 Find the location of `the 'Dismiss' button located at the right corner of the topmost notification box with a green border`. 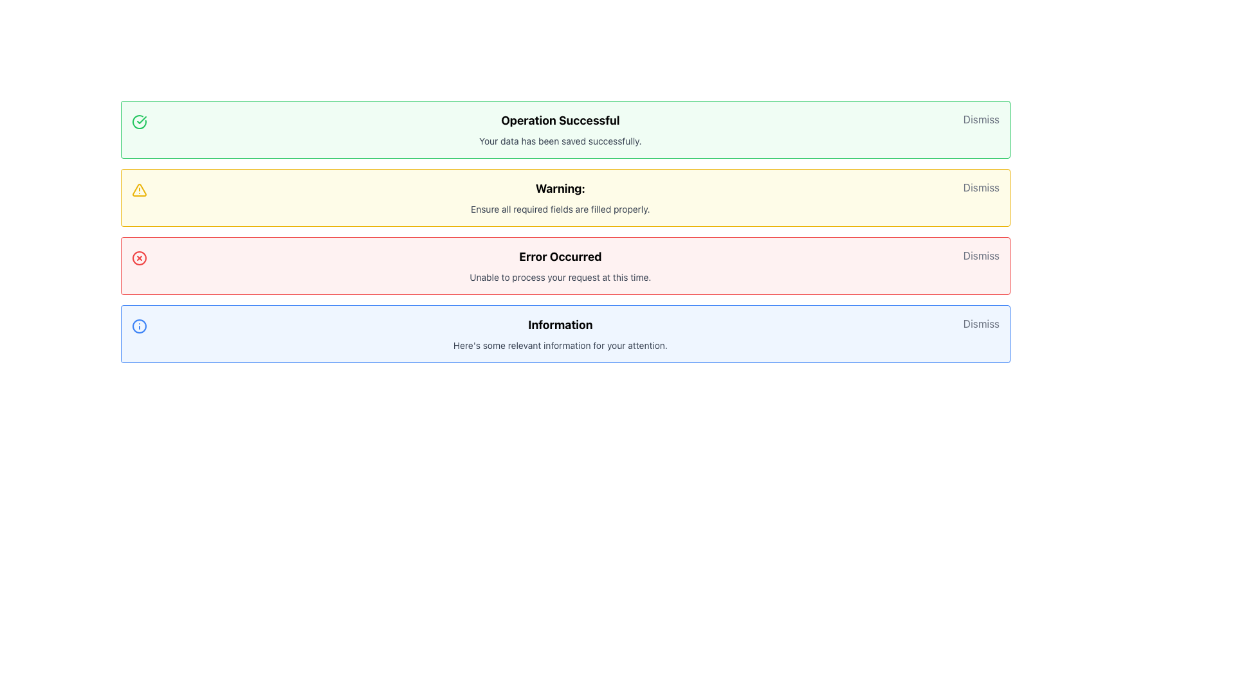

the 'Dismiss' button located at the right corner of the topmost notification box with a green border is located at coordinates (980, 119).